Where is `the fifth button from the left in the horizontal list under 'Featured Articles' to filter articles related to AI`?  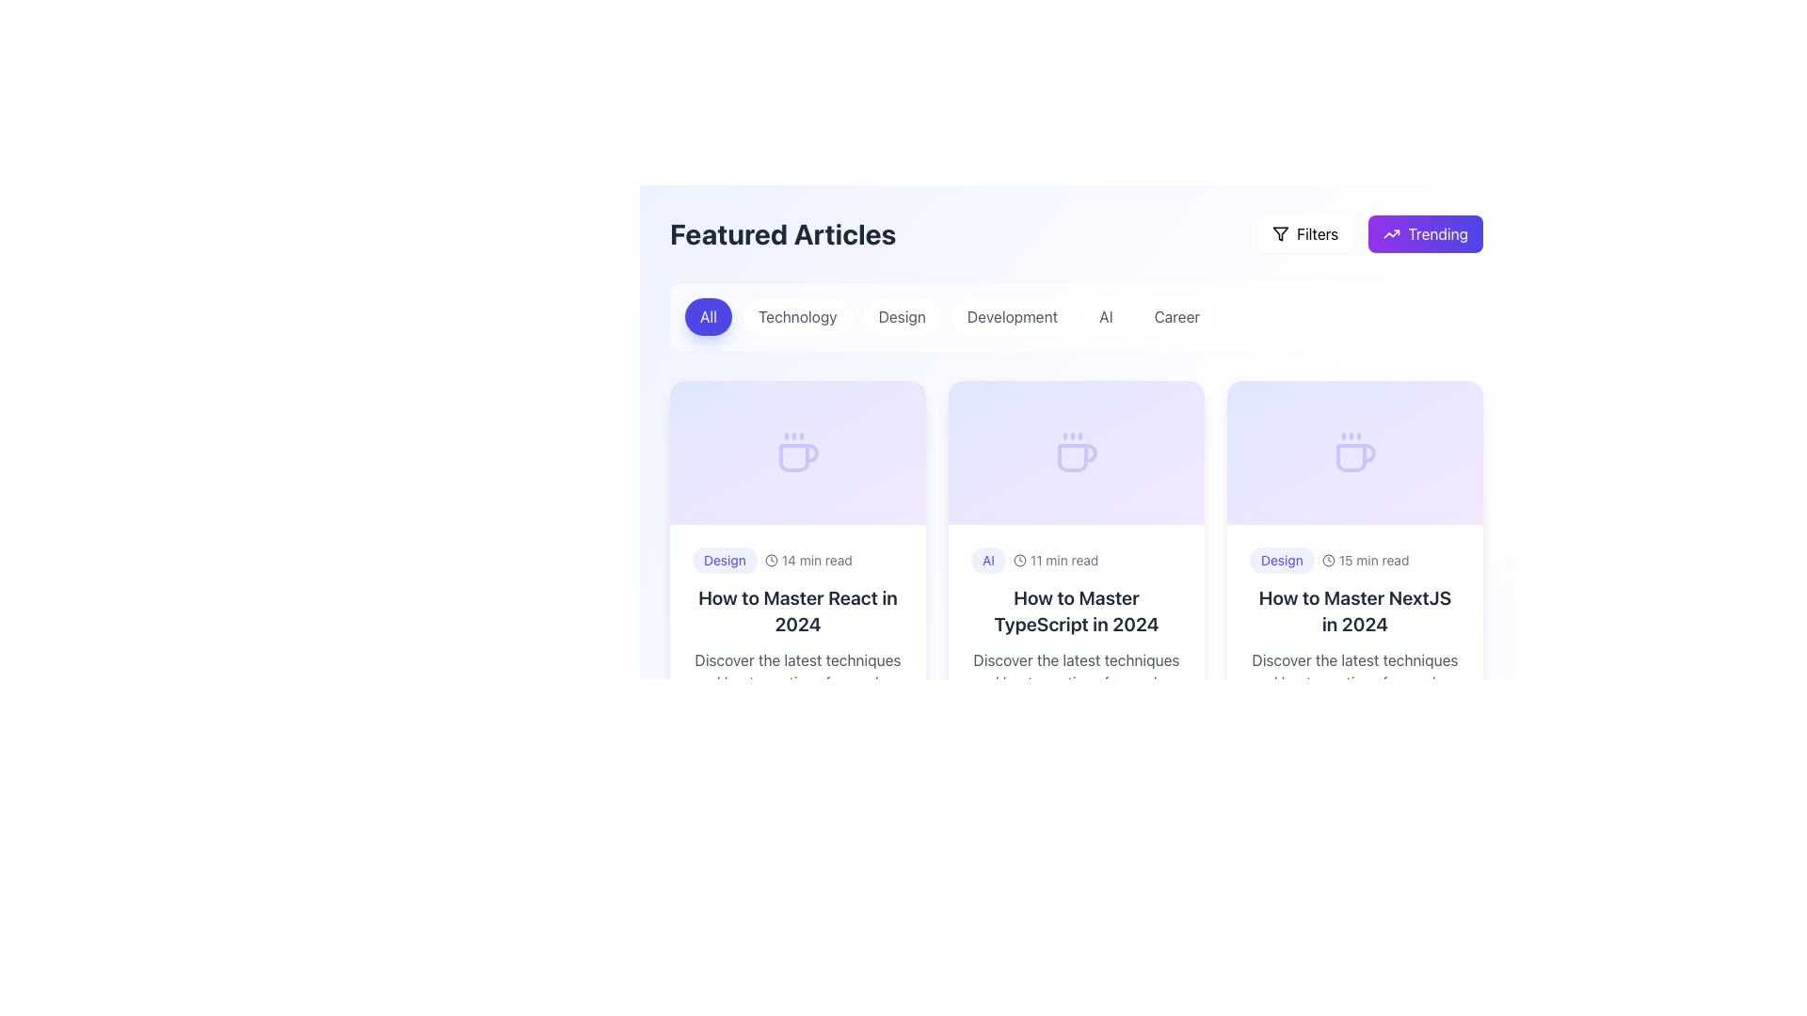 the fifth button from the left in the horizontal list under 'Featured Articles' to filter articles related to AI is located at coordinates (1106, 315).